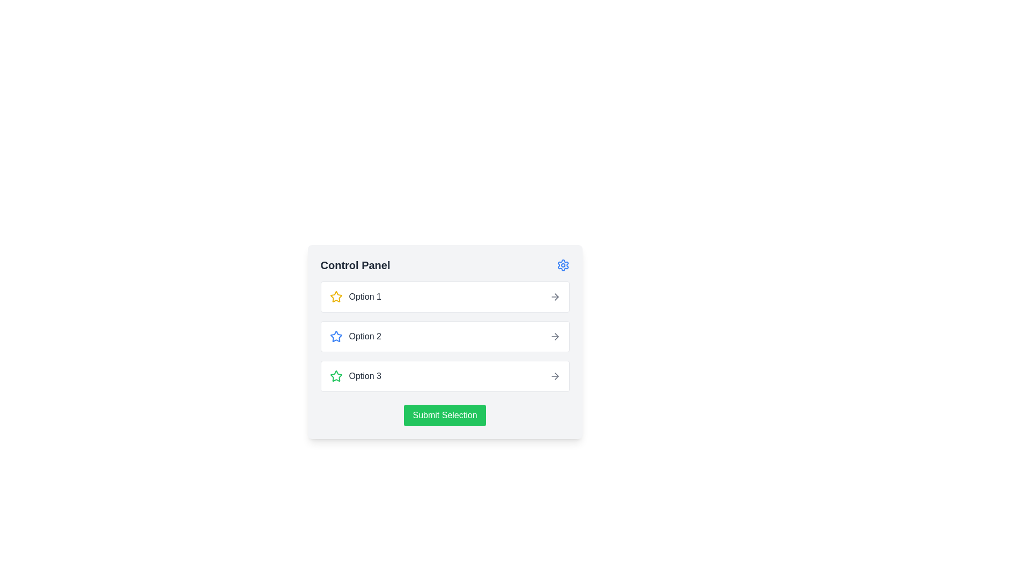 This screenshot has width=1030, height=579. What do you see at coordinates (562, 265) in the screenshot?
I see `the circular gear icon button with a blue outline located at the right end of the 'Control Panel' header` at bounding box center [562, 265].